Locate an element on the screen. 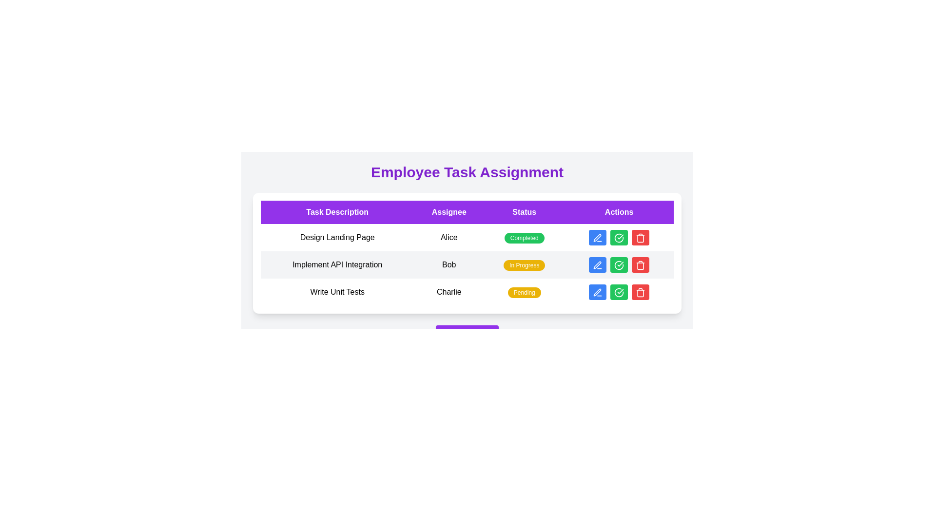  the vibrant purple 'Add Task' button located at the bottom center of the interface is located at coordinates (467, 334).